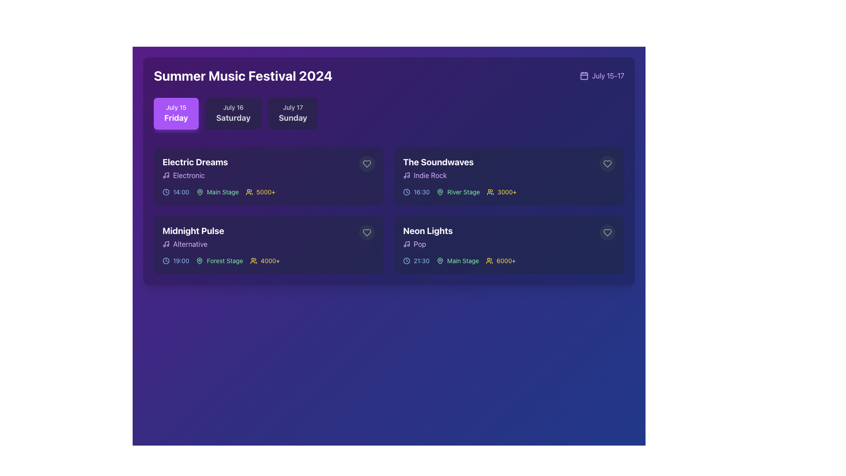 This screenshot has width=846, height=476. What do you see at coordinates (501, 191) in the screenshot?
I see `the audience count text element for the event 'The Soundwaves', which is located in the second column of the grid layout, adjacent to the time and stage indicators, and positioned after the 'River Stage' label` at bounding box center [501, 191].